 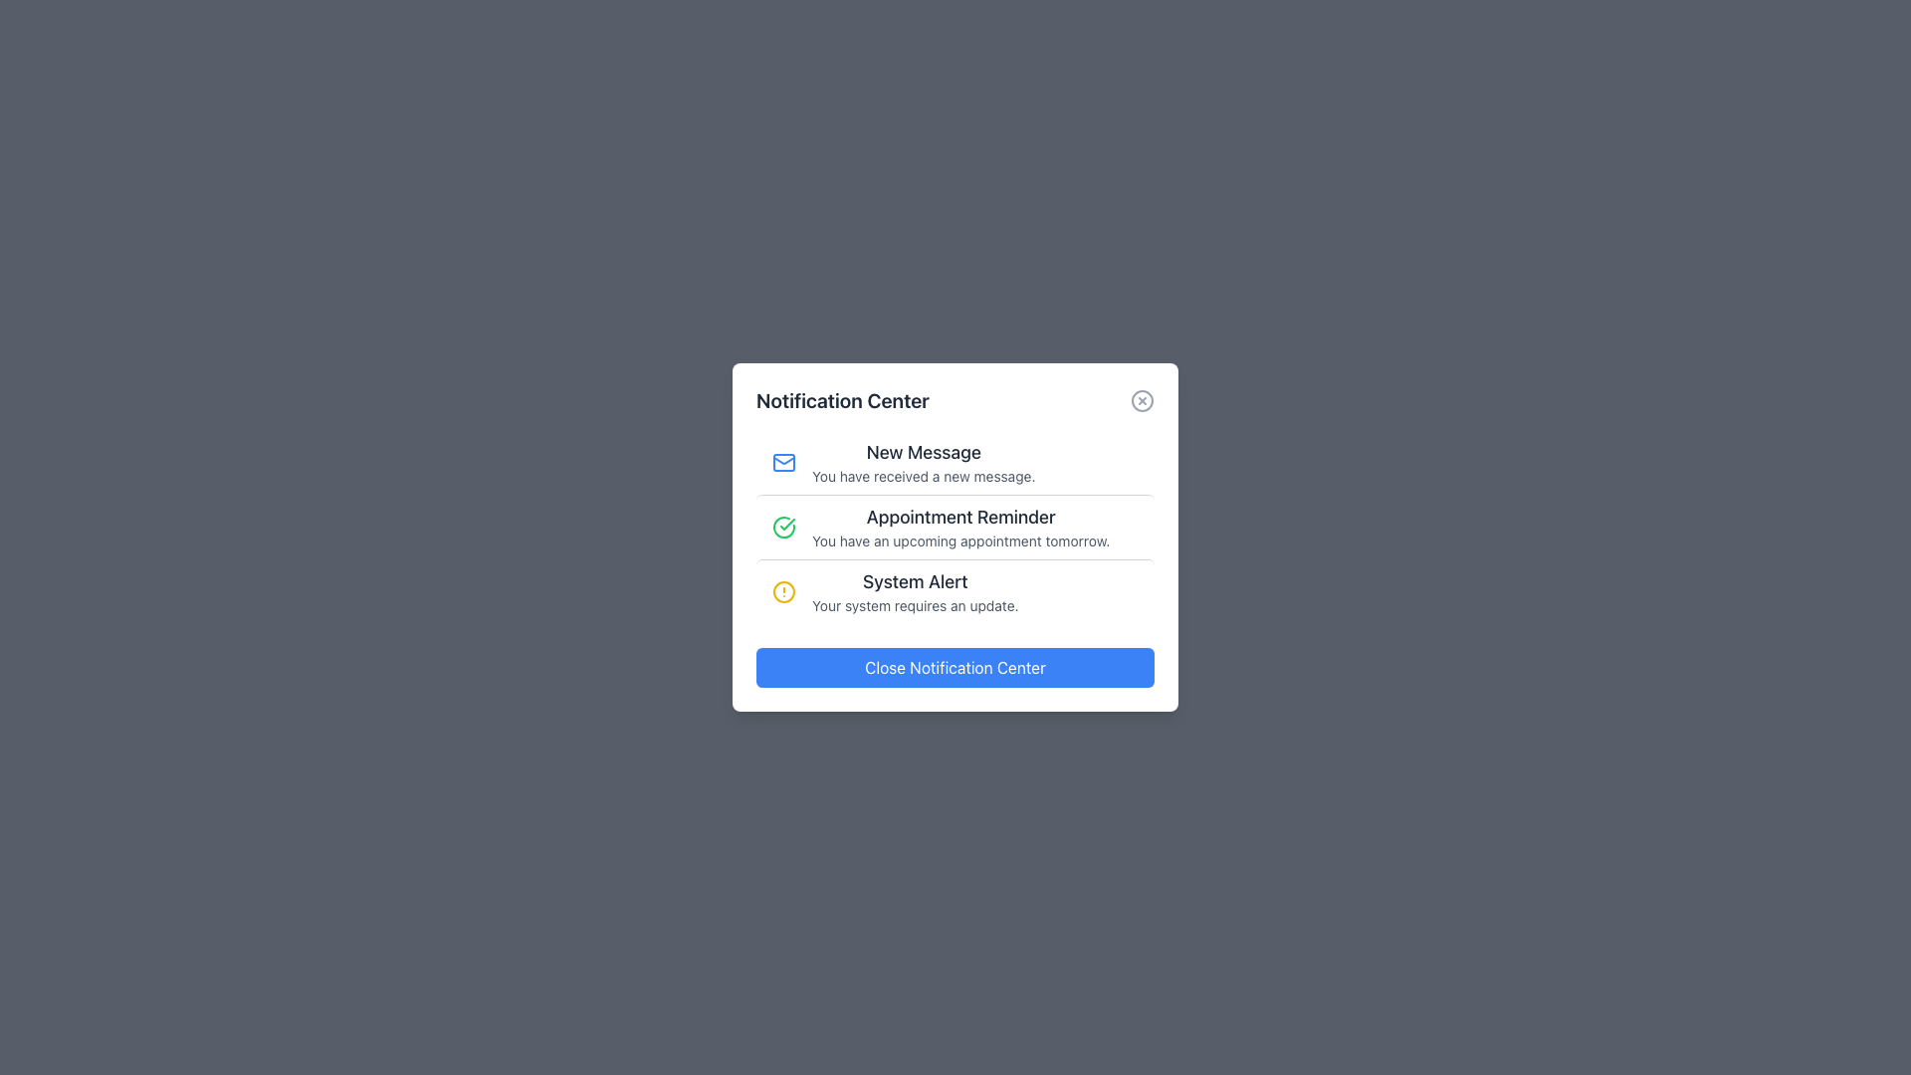 What do you see at coordinates (960, 540) in the screenshot?
I see `the static text that states 'You have an upcoming appointment tomorrow.' which is located under the bold title 'Appointment Reminder' in the second notification entry` at bounding box center [960, 540].